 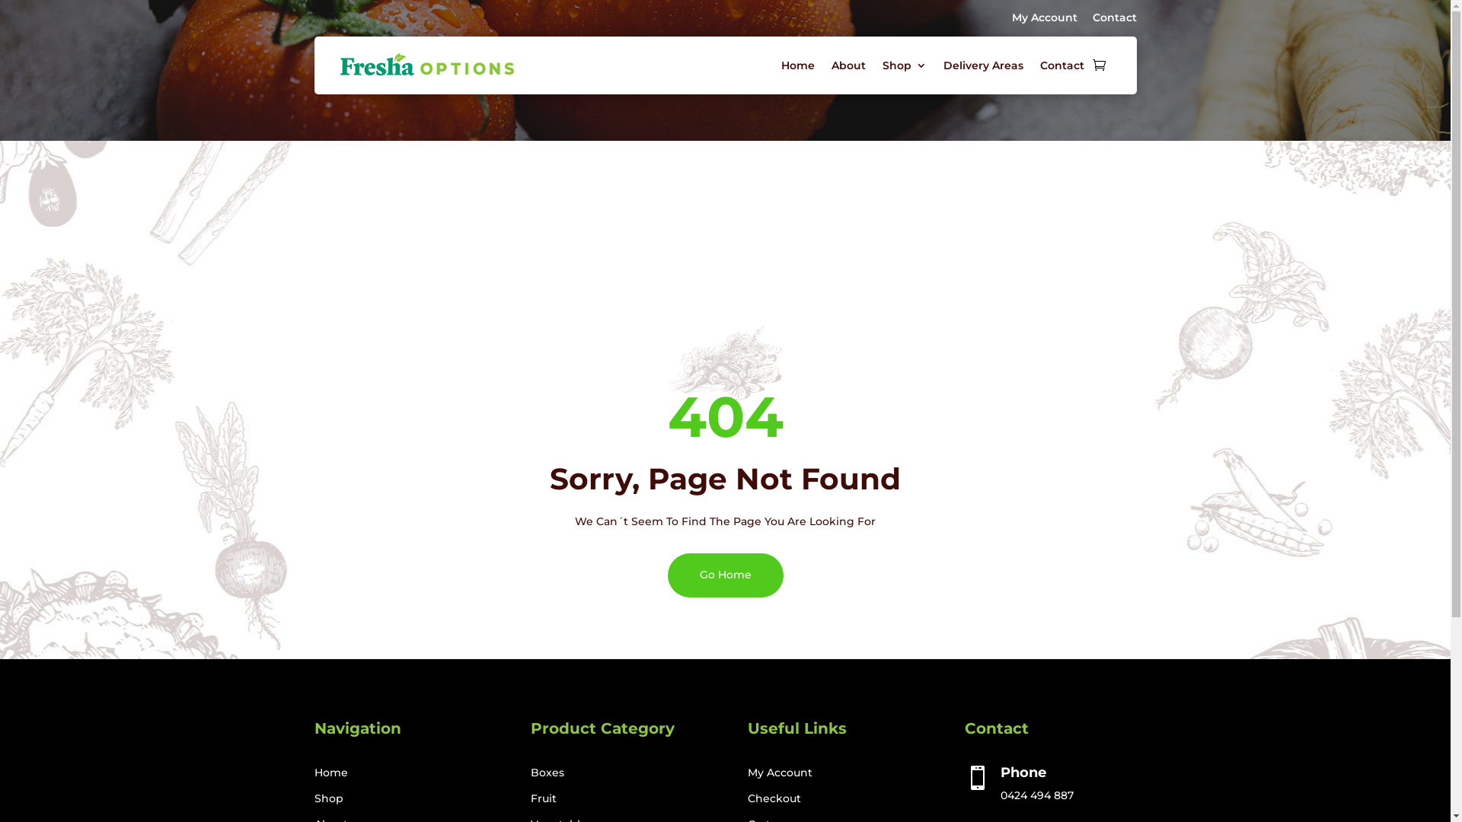 What do you see at coordinates (1043, 18) in the screenshot?
I see `'My Account'` at bounding box center [1043, 18].